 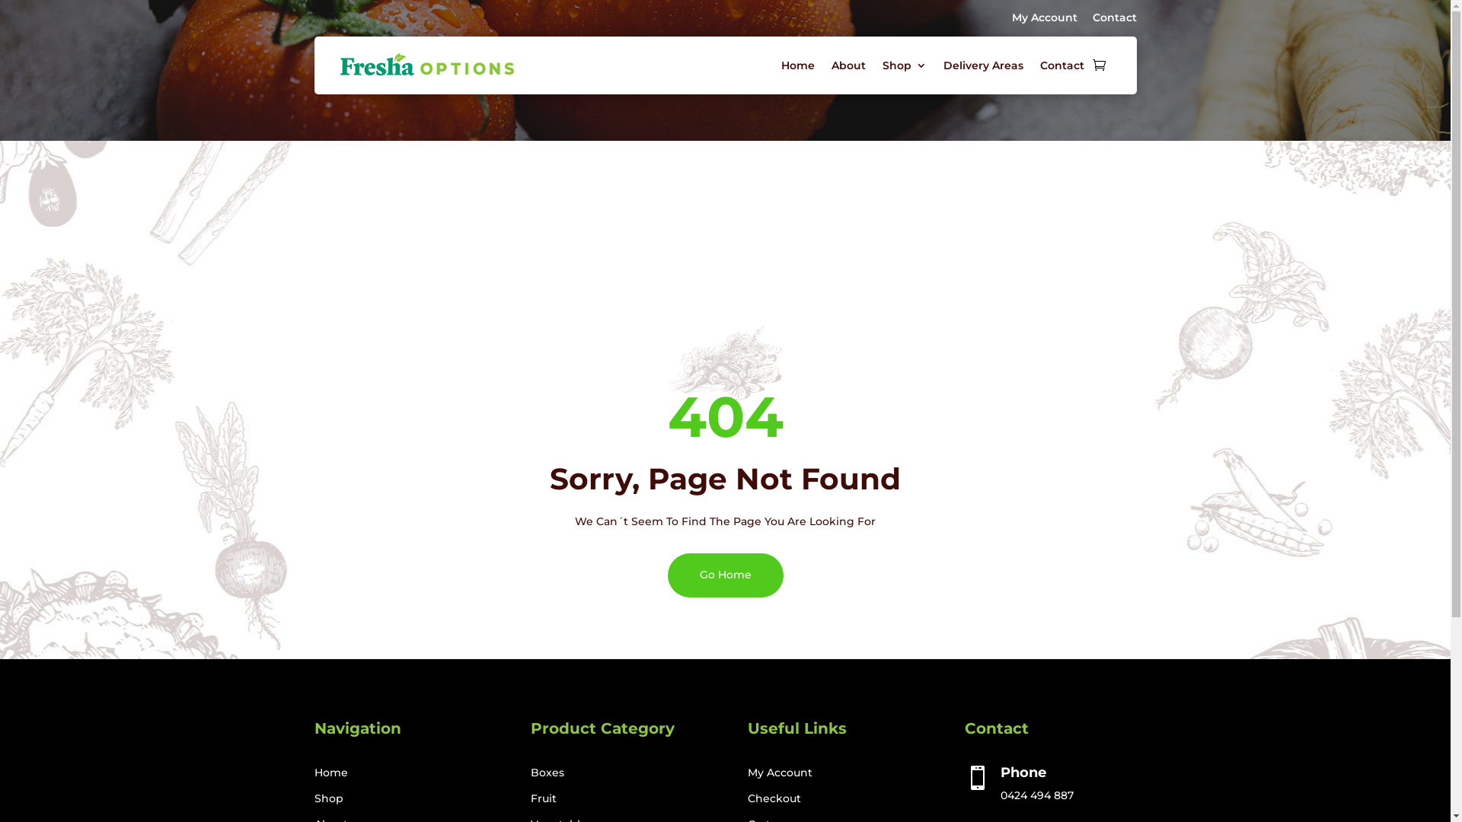 What do you see at coordinates (1043, 18) in the screenshot?
I see `'My Account'` at bounding box center [1043, 18].